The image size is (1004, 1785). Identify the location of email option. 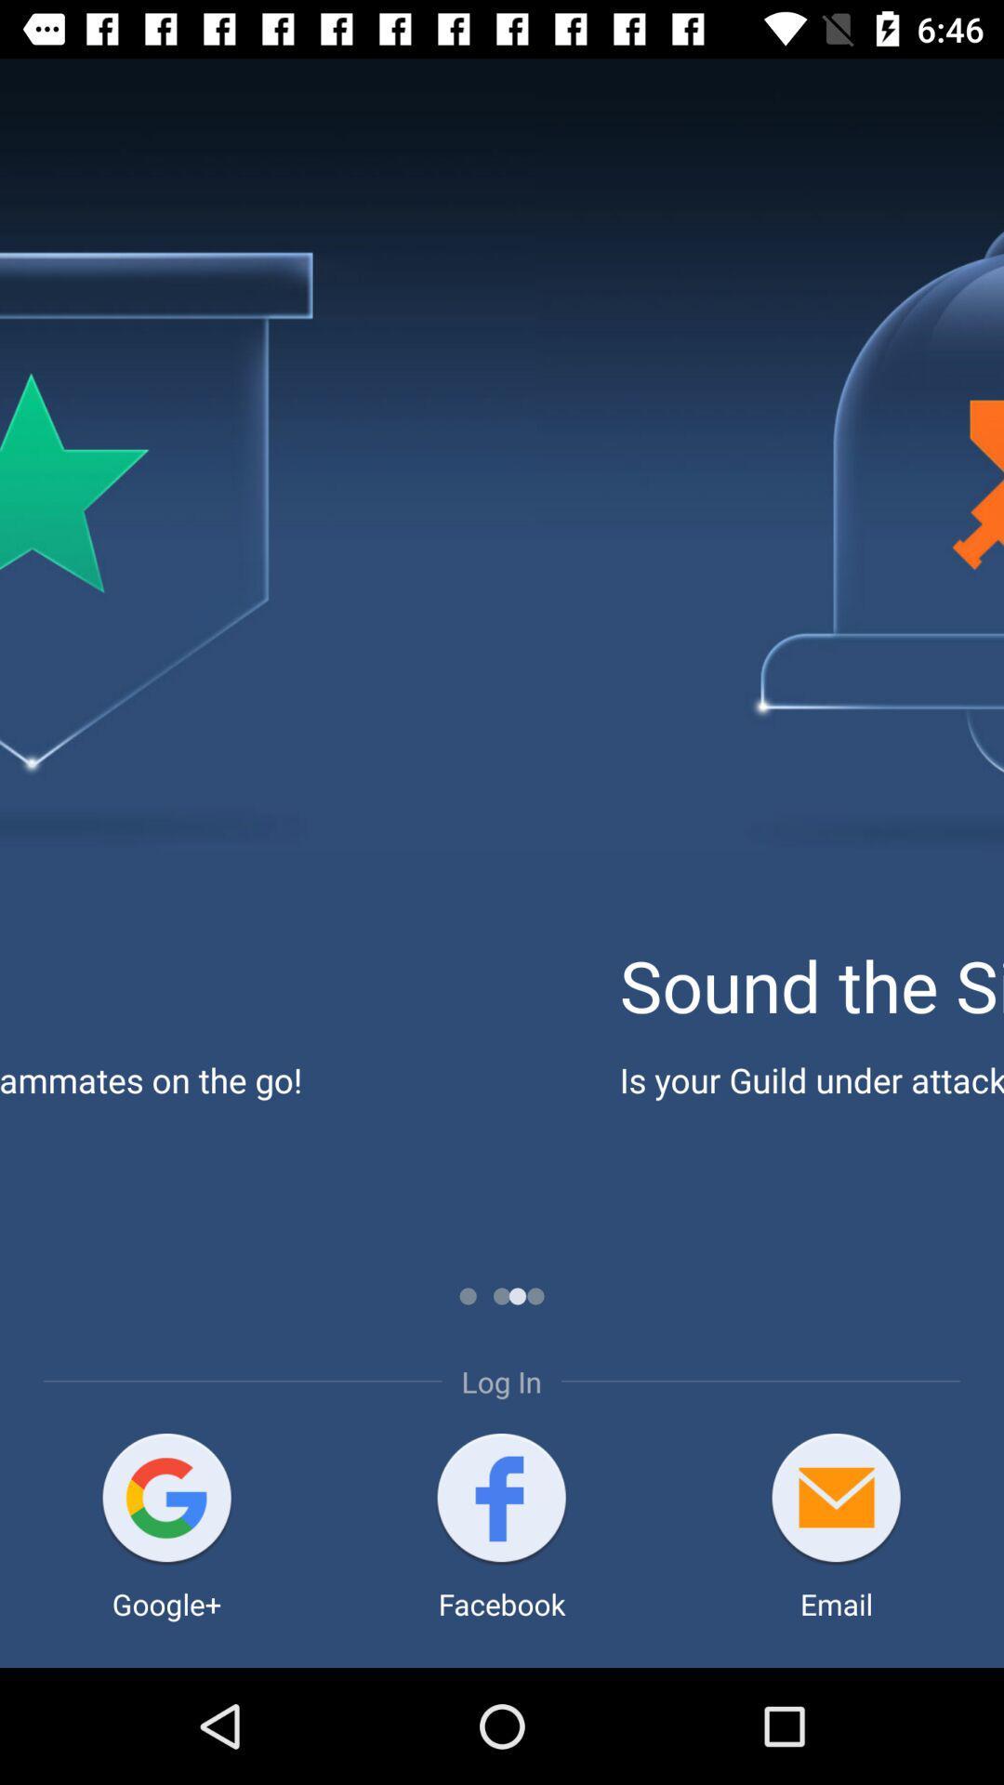
(835, 1500).